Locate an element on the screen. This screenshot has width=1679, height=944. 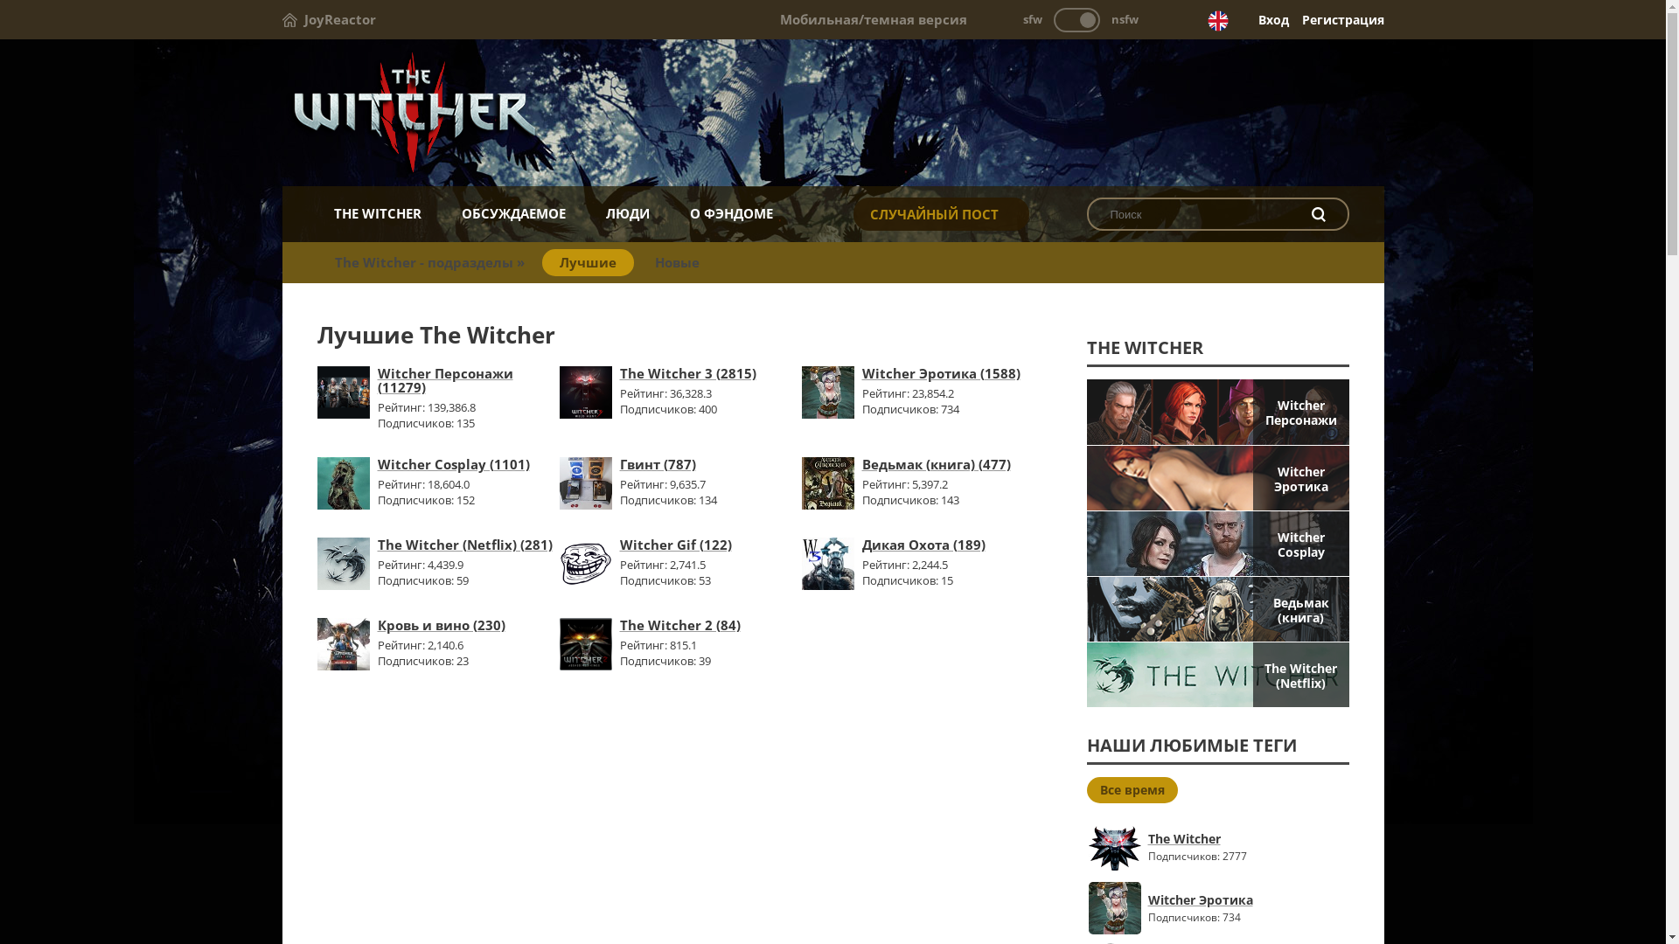
'The Witcher 2 (84)' is located at coordinates (679, 623).